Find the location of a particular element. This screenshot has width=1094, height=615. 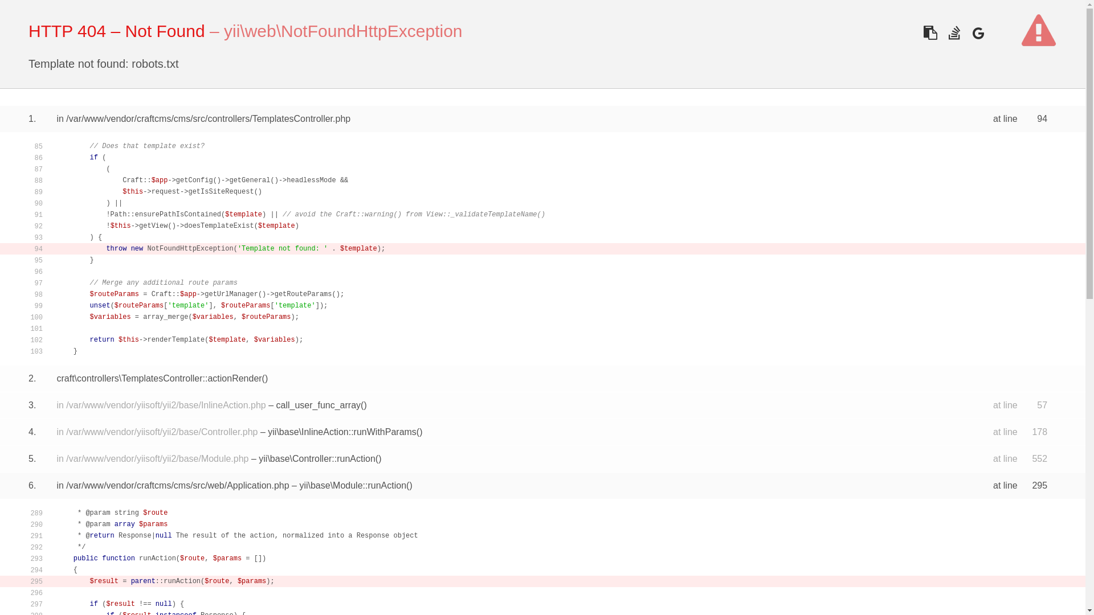

'yii\web\NotFoundHttpException' is located at coordinates (342, 30).